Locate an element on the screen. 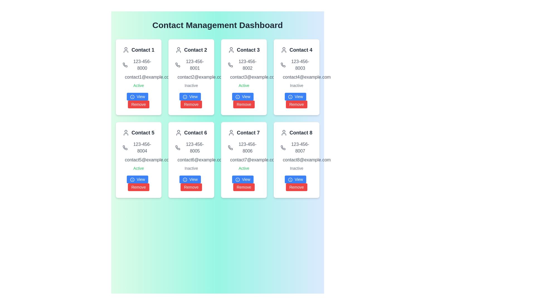 This screenshot has height=300, width=535. the static text label element displaying 'Contact 3' in bold, dark-gray font color, located in the top row and third column of the card layout is located at coordinates (248, 50).